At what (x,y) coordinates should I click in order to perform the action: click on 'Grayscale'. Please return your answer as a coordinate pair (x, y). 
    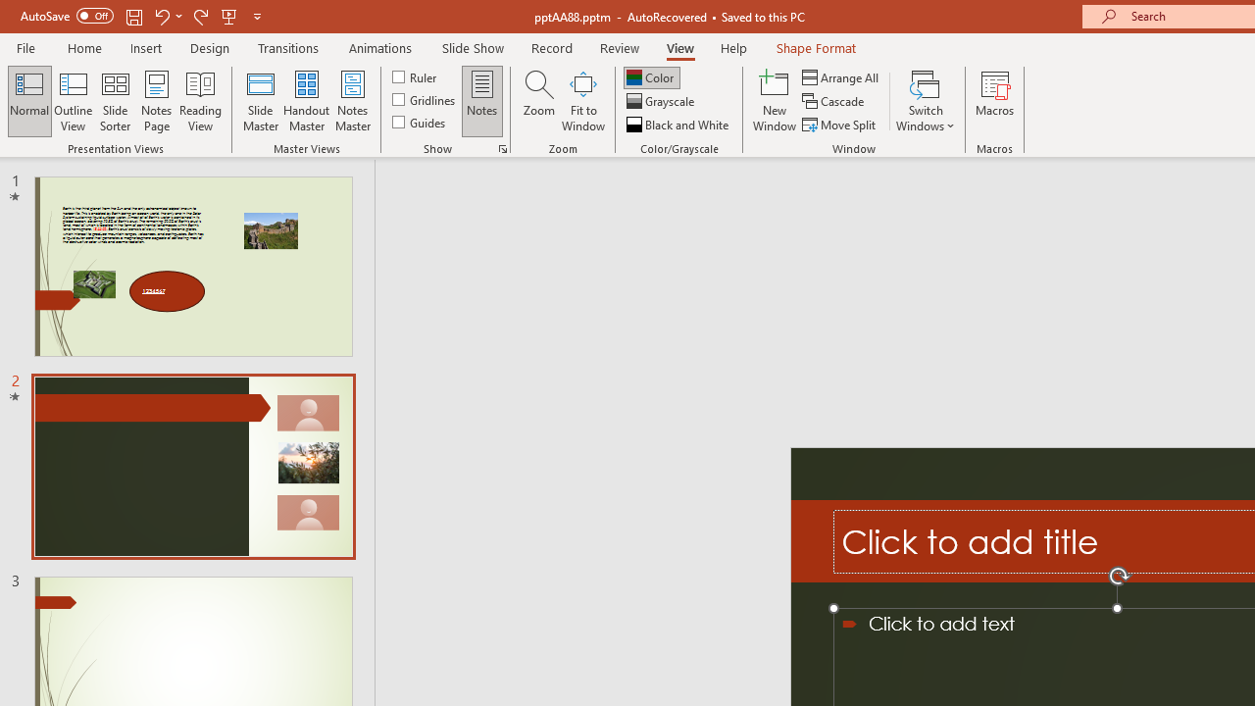
    Looking at the image, I should click on (662, 101).